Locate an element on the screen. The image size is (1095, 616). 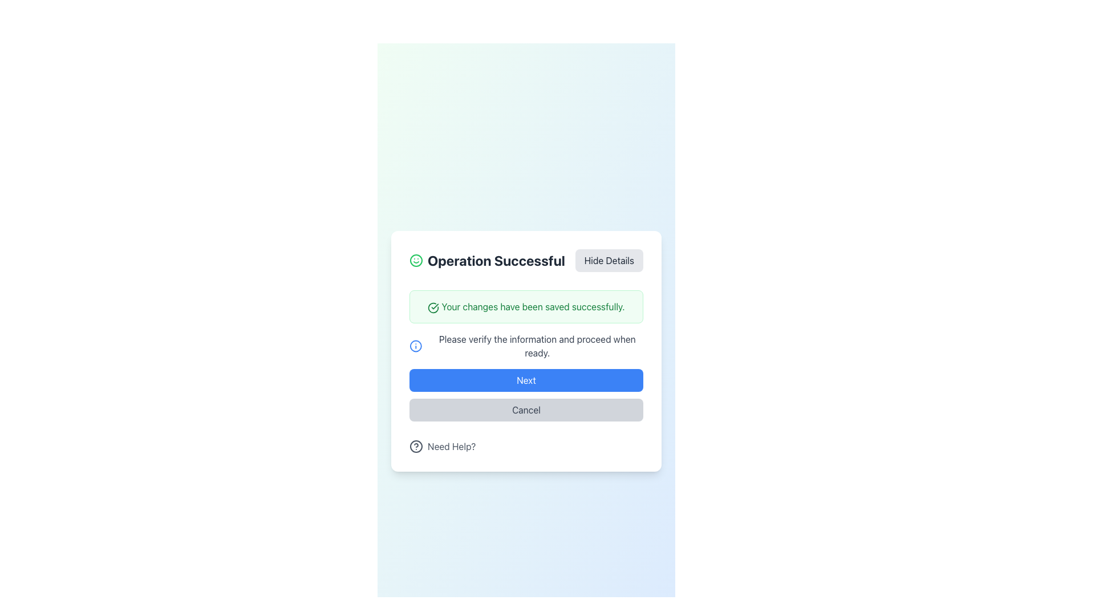
the 'Hide Details' button which has a light gray background and is located to the right of the 'Operation Successful' text is located at coordinates (609, 260).